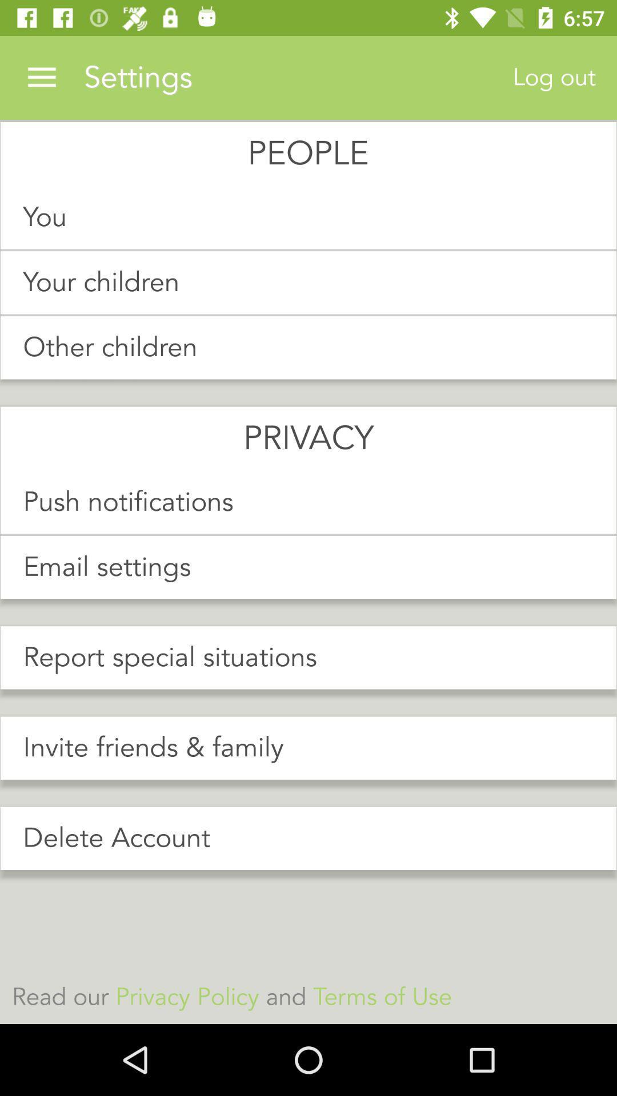  What do you see at coordinates (41, 77) in the screenshot?
I see `icon at the top left corner` at bounding box center [41, 77].